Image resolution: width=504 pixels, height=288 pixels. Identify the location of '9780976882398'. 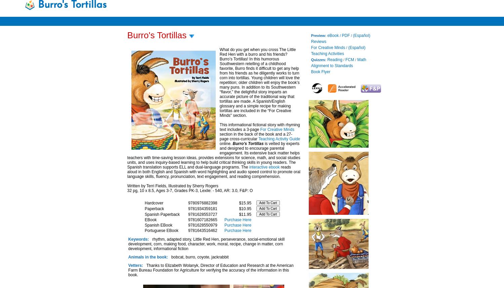
(202, 203).